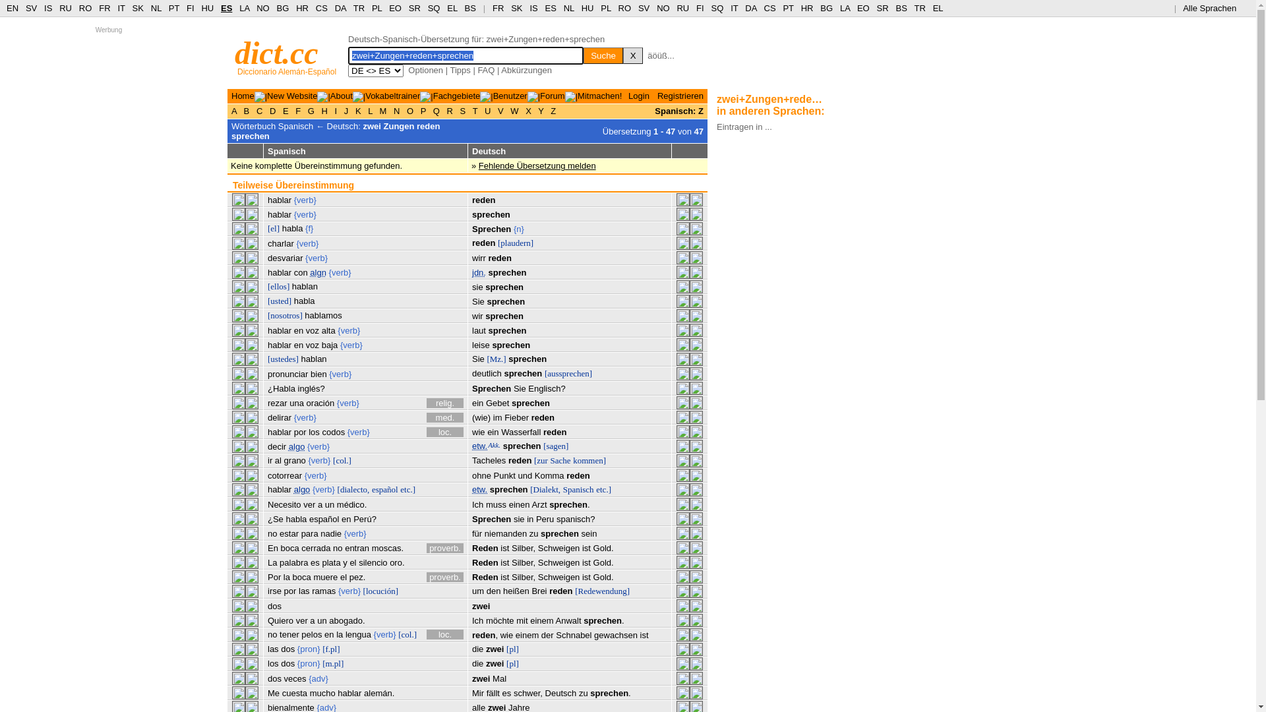 The height and width of the screenshot is (712, 1266). What do you see at coordinates (295, 8) in the screenshot?
I see `'HR'` at bounding box center [295, 8].